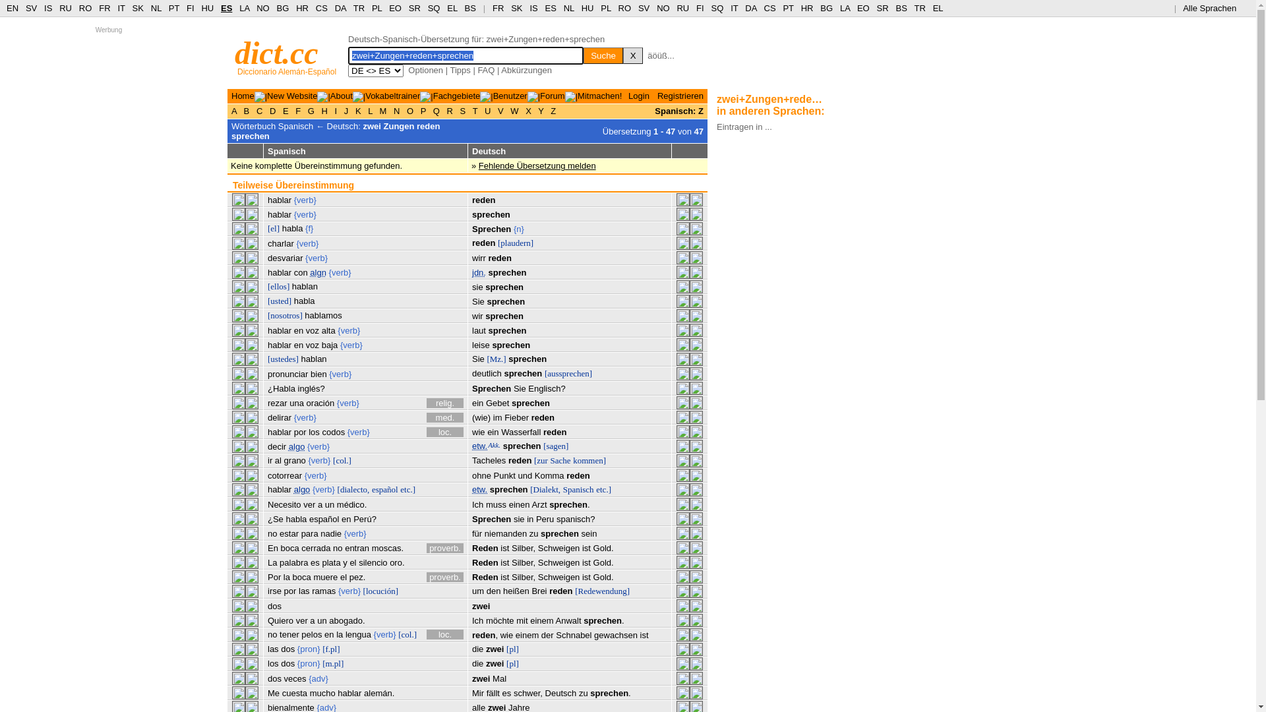 The height and width of the screenshot is (712, 1266). What do you see at coordinates (295, 8) in the screenshot?
I see `'HR'` at bounding box center [295, 8].